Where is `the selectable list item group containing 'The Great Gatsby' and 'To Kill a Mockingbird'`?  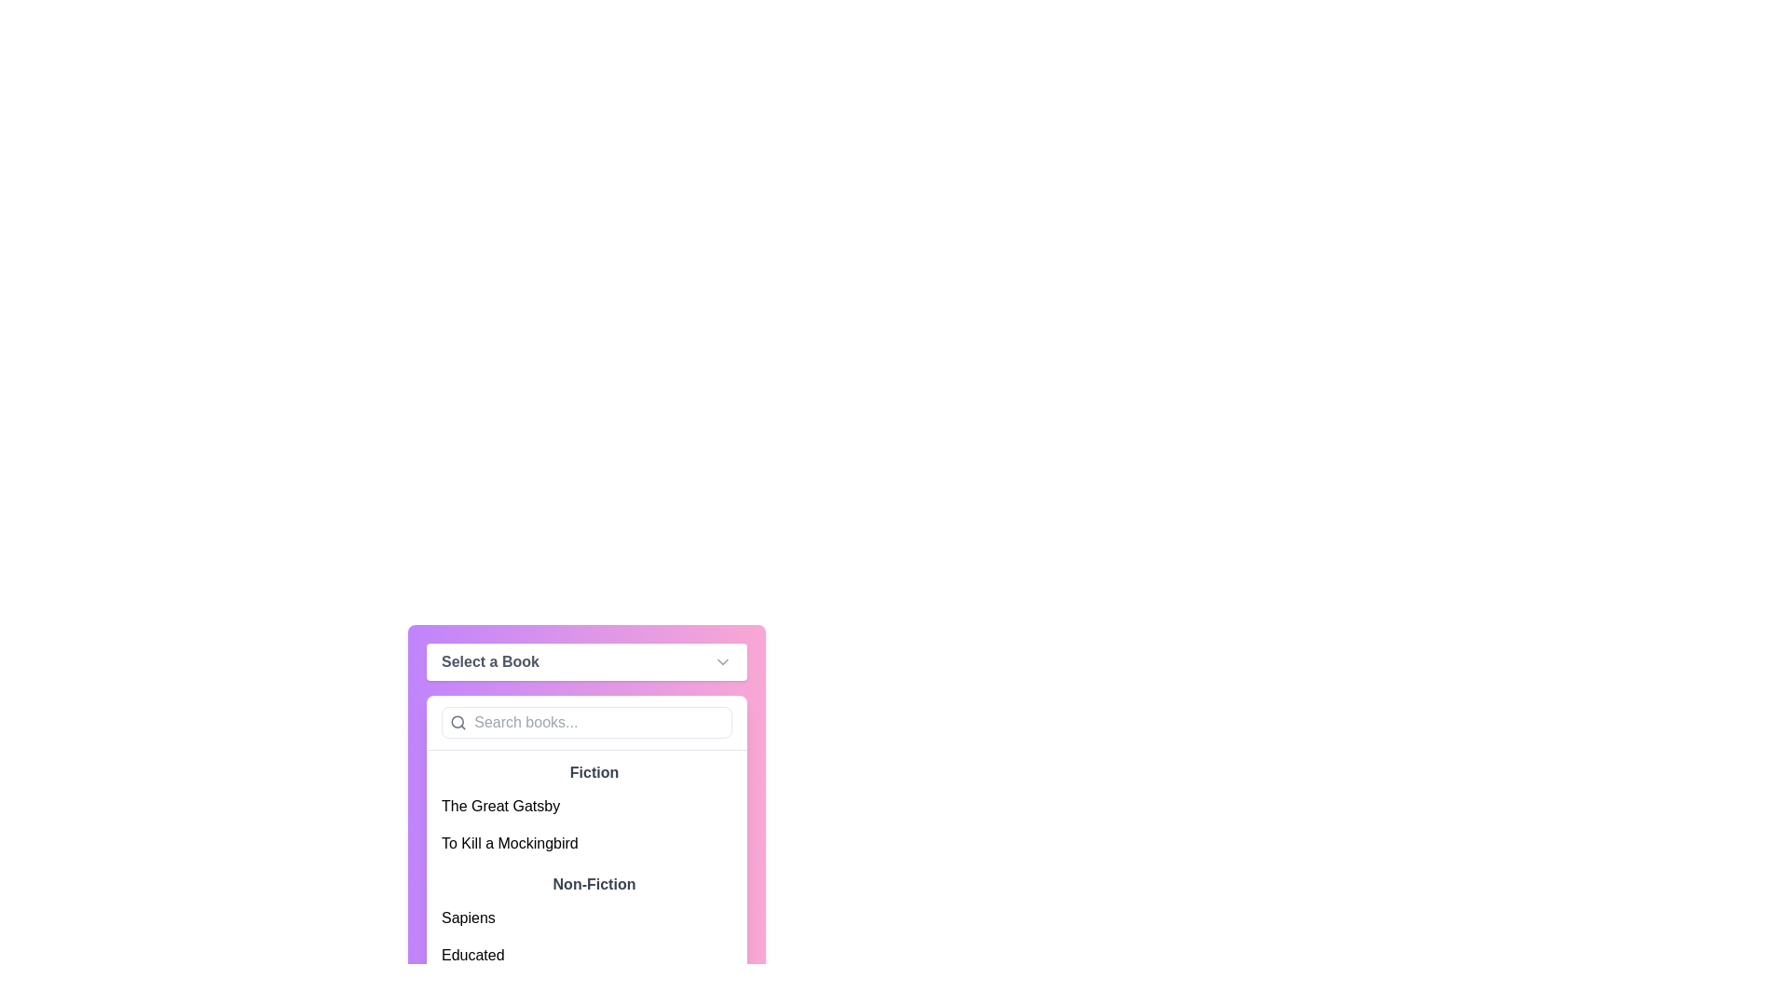
the selectable list item group containing 'The Great Gatsby' and 'To Kill a Mockingbird' is located at coordinates (585, 824).